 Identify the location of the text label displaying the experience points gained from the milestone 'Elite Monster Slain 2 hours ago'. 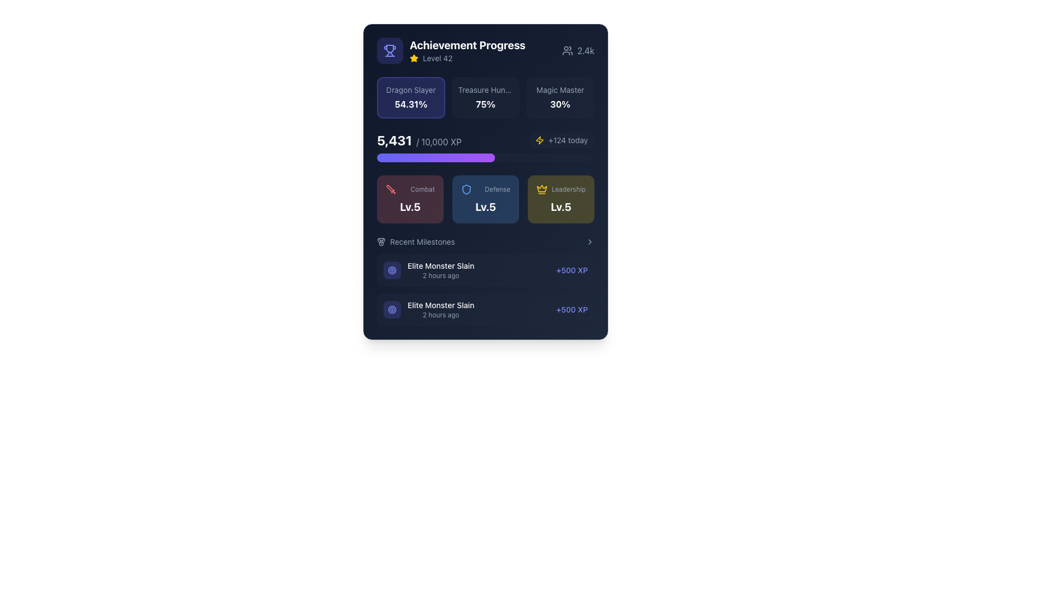
(571, 310).